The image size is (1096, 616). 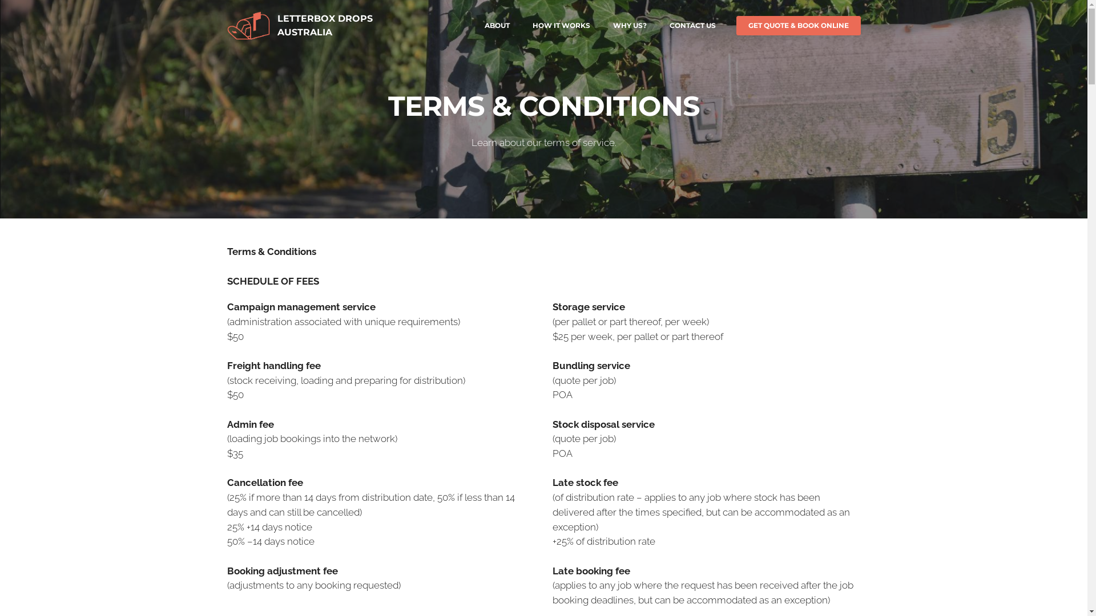 I want to click on 'WHY US?', so click(x=629, y=26).